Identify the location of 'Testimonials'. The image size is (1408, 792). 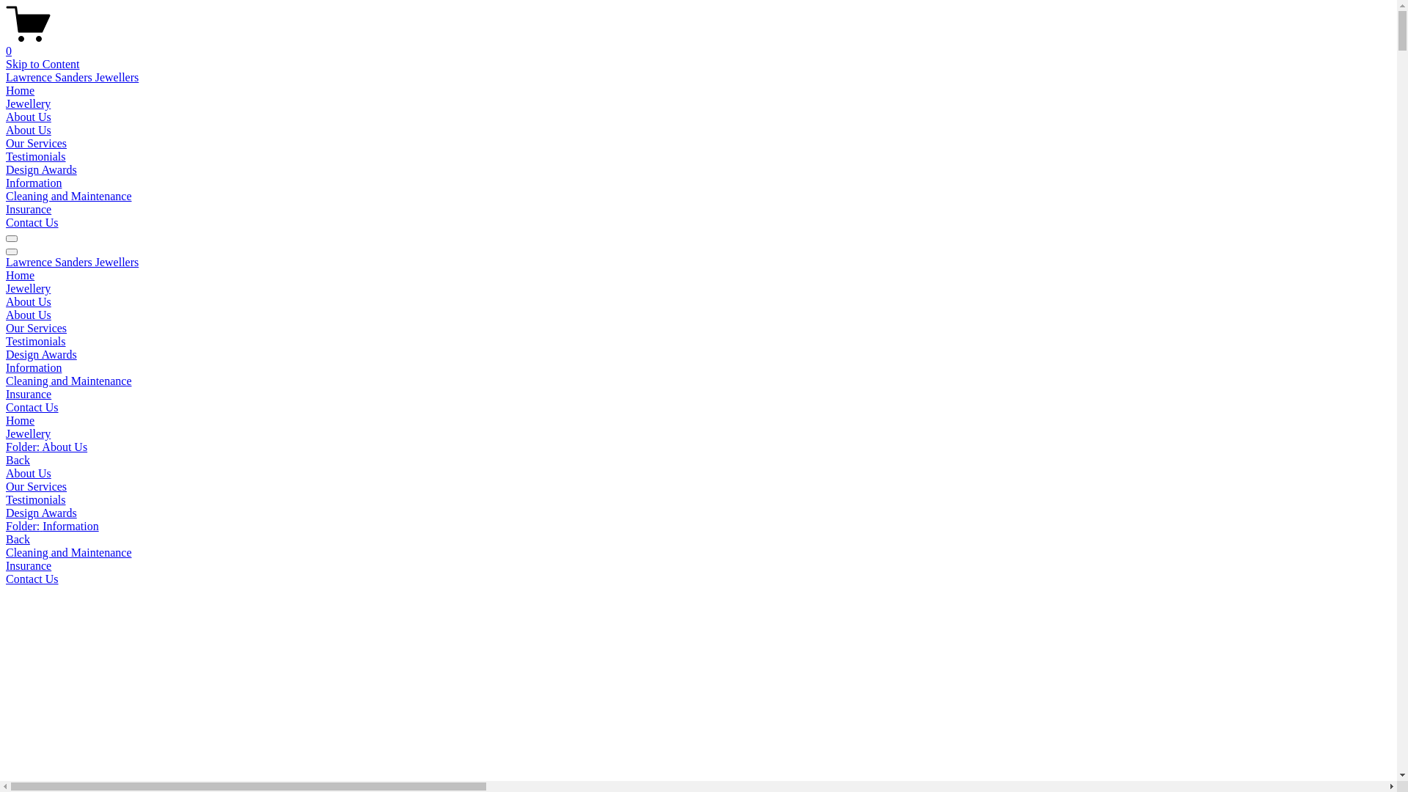
(35, 341).